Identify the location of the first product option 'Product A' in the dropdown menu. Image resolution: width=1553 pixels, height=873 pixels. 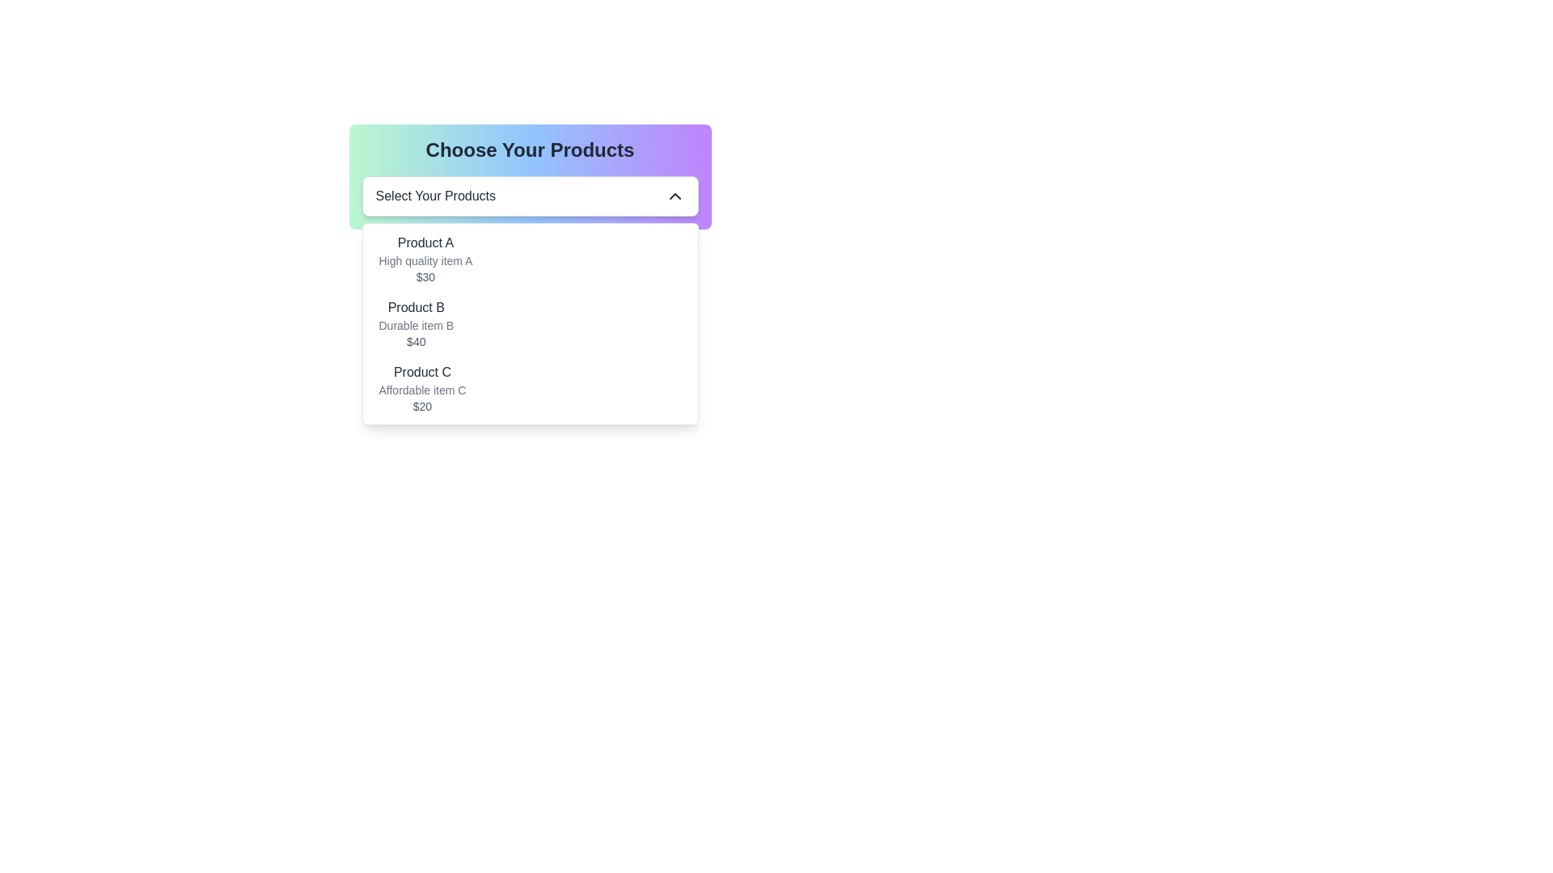
(530, 258).